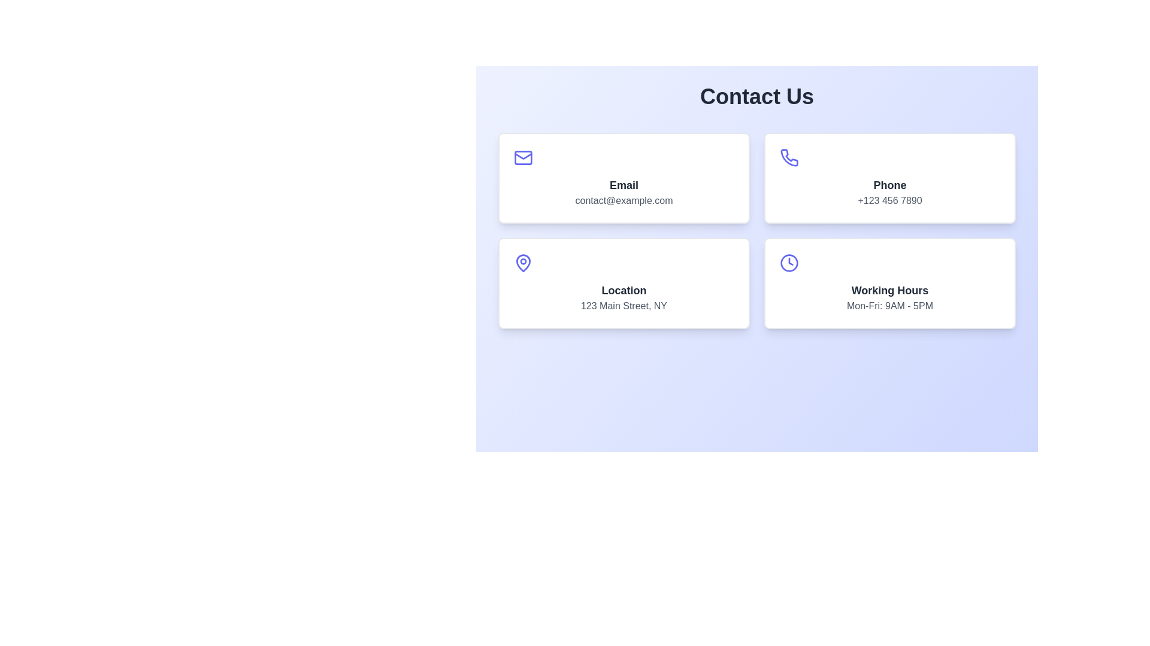 The image size is (1150, 646). Describe the element at coordinates (890, 291) in the screenshot. I see `the text label that provides context for the working hours, positioned inside a white card at the bottom-right corner of the grid layout, above 'Mon-Fri: 9AM - 5PM' and to the right of a clock icon` at that location.